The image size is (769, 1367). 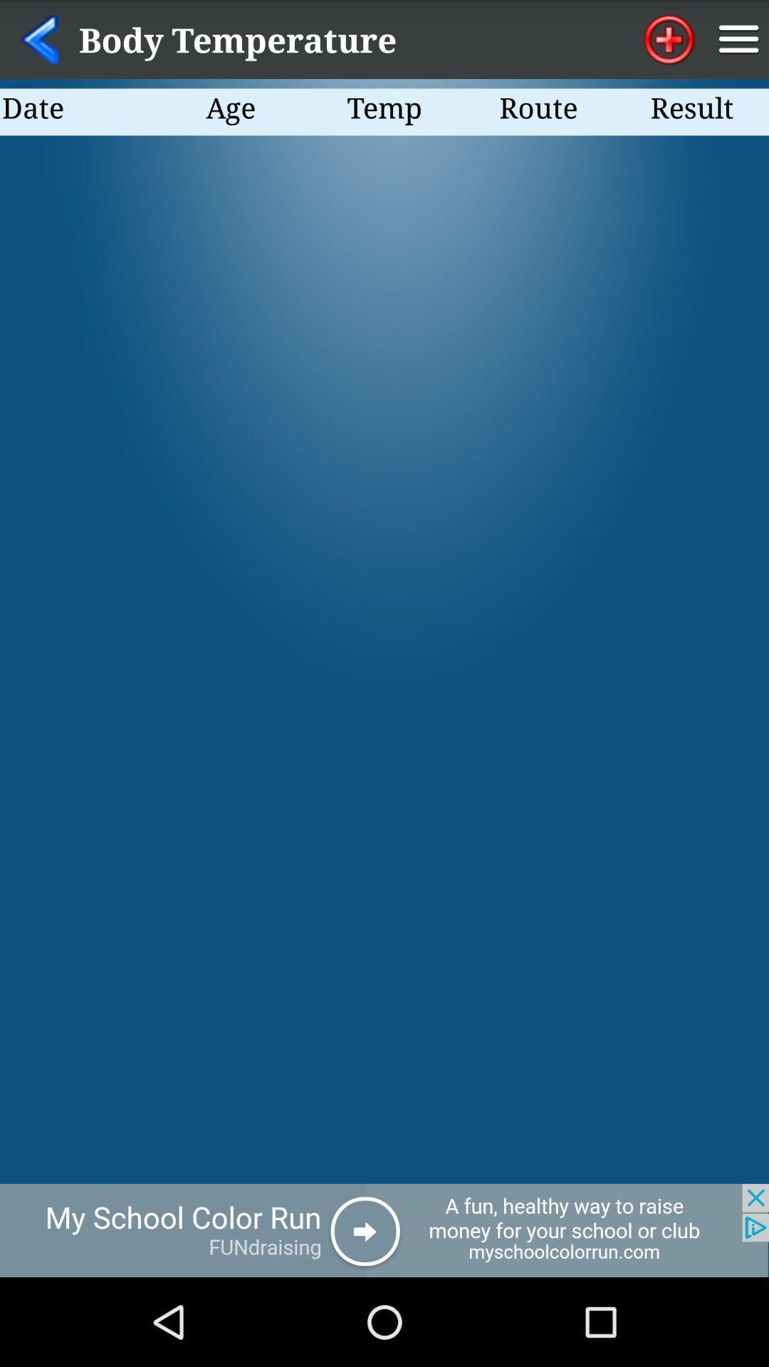 I want to click on notification, so click(x=738, y=39).